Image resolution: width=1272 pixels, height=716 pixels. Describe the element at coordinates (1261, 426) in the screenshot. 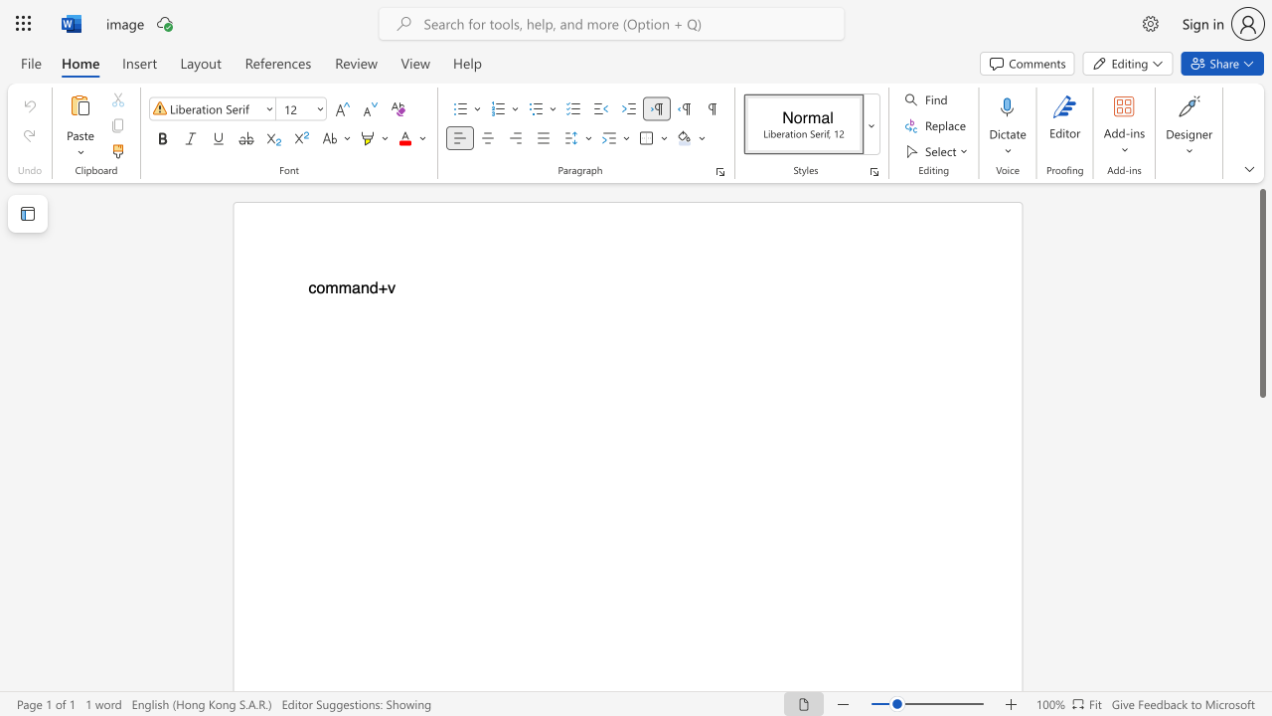

I see `the right-hand scrollbar to descend the page` at that location.